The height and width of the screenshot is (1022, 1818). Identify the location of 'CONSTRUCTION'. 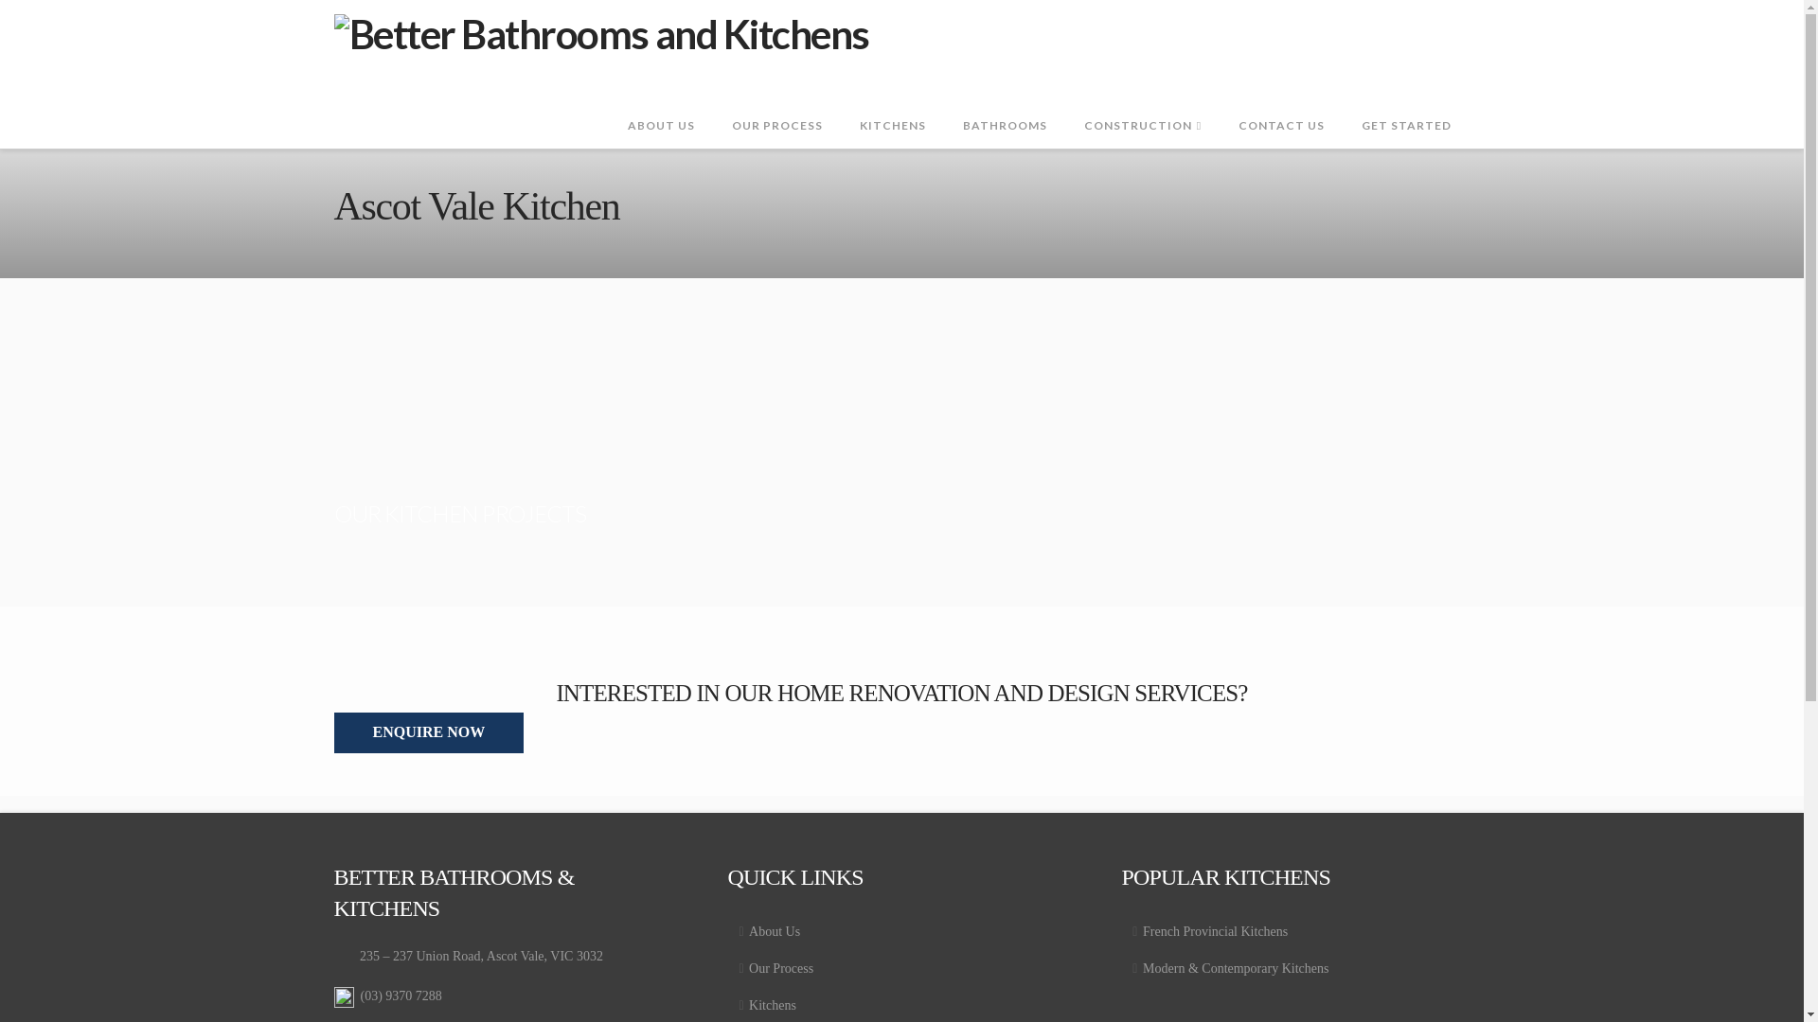
(1141, 105).